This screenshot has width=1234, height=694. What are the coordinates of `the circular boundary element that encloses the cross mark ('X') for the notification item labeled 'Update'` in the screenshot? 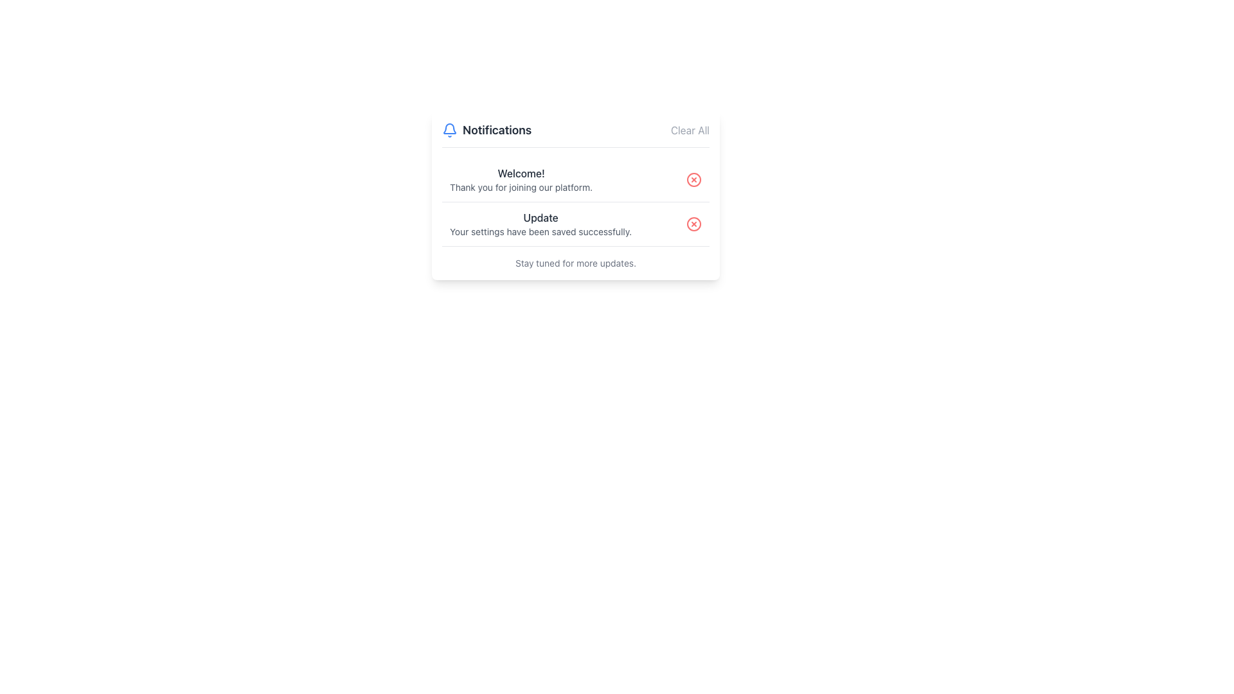 It's located at (693, 223).